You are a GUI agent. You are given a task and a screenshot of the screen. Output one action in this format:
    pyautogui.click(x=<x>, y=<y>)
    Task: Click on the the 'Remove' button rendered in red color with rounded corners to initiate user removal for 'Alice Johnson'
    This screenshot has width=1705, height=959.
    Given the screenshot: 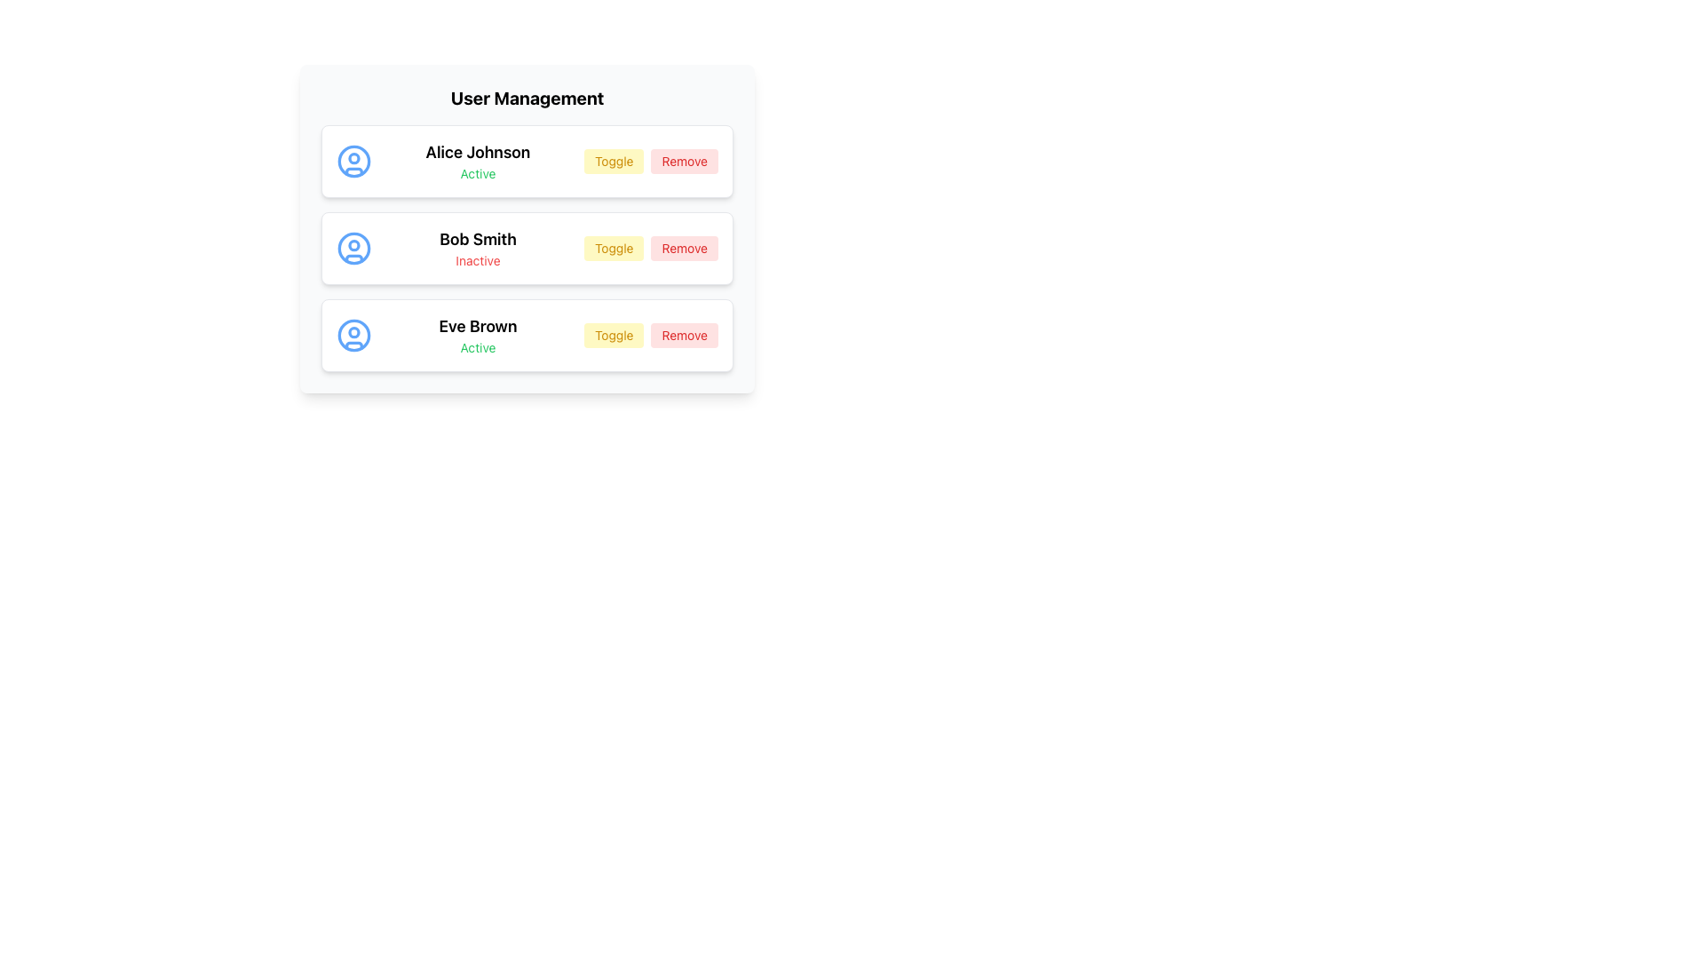 What is the action you would take?
    pyautogui.click(x=684, y=161)
    